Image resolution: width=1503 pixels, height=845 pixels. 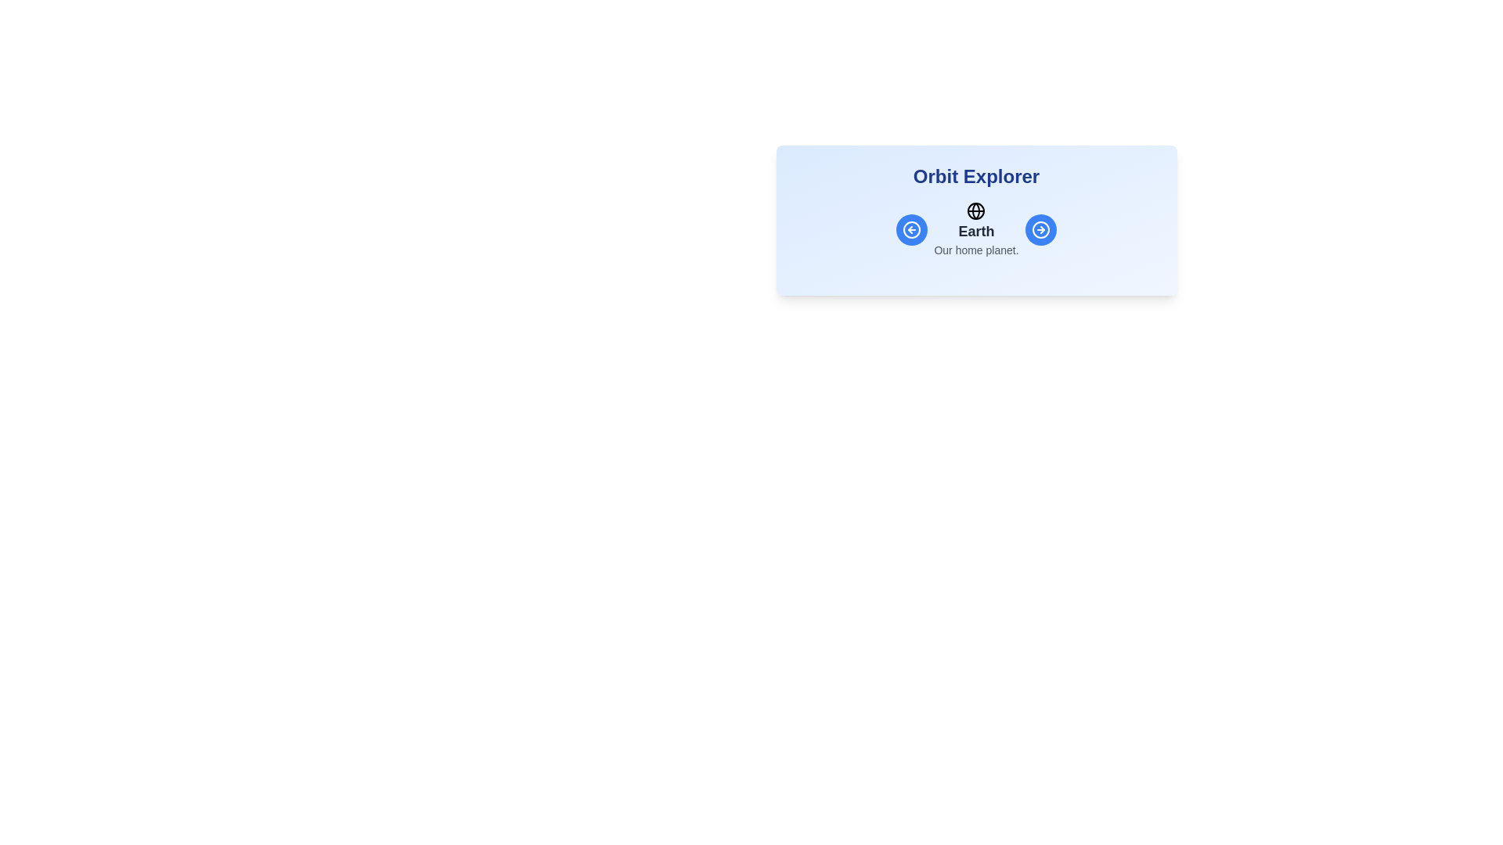 I want to click on the text-based informational component displaying 'Earth' and 'Our home planet.' which is located beneath 'Orbit Explorer' and flanked by two interactive circular buttons, so click(x=975, y=229).